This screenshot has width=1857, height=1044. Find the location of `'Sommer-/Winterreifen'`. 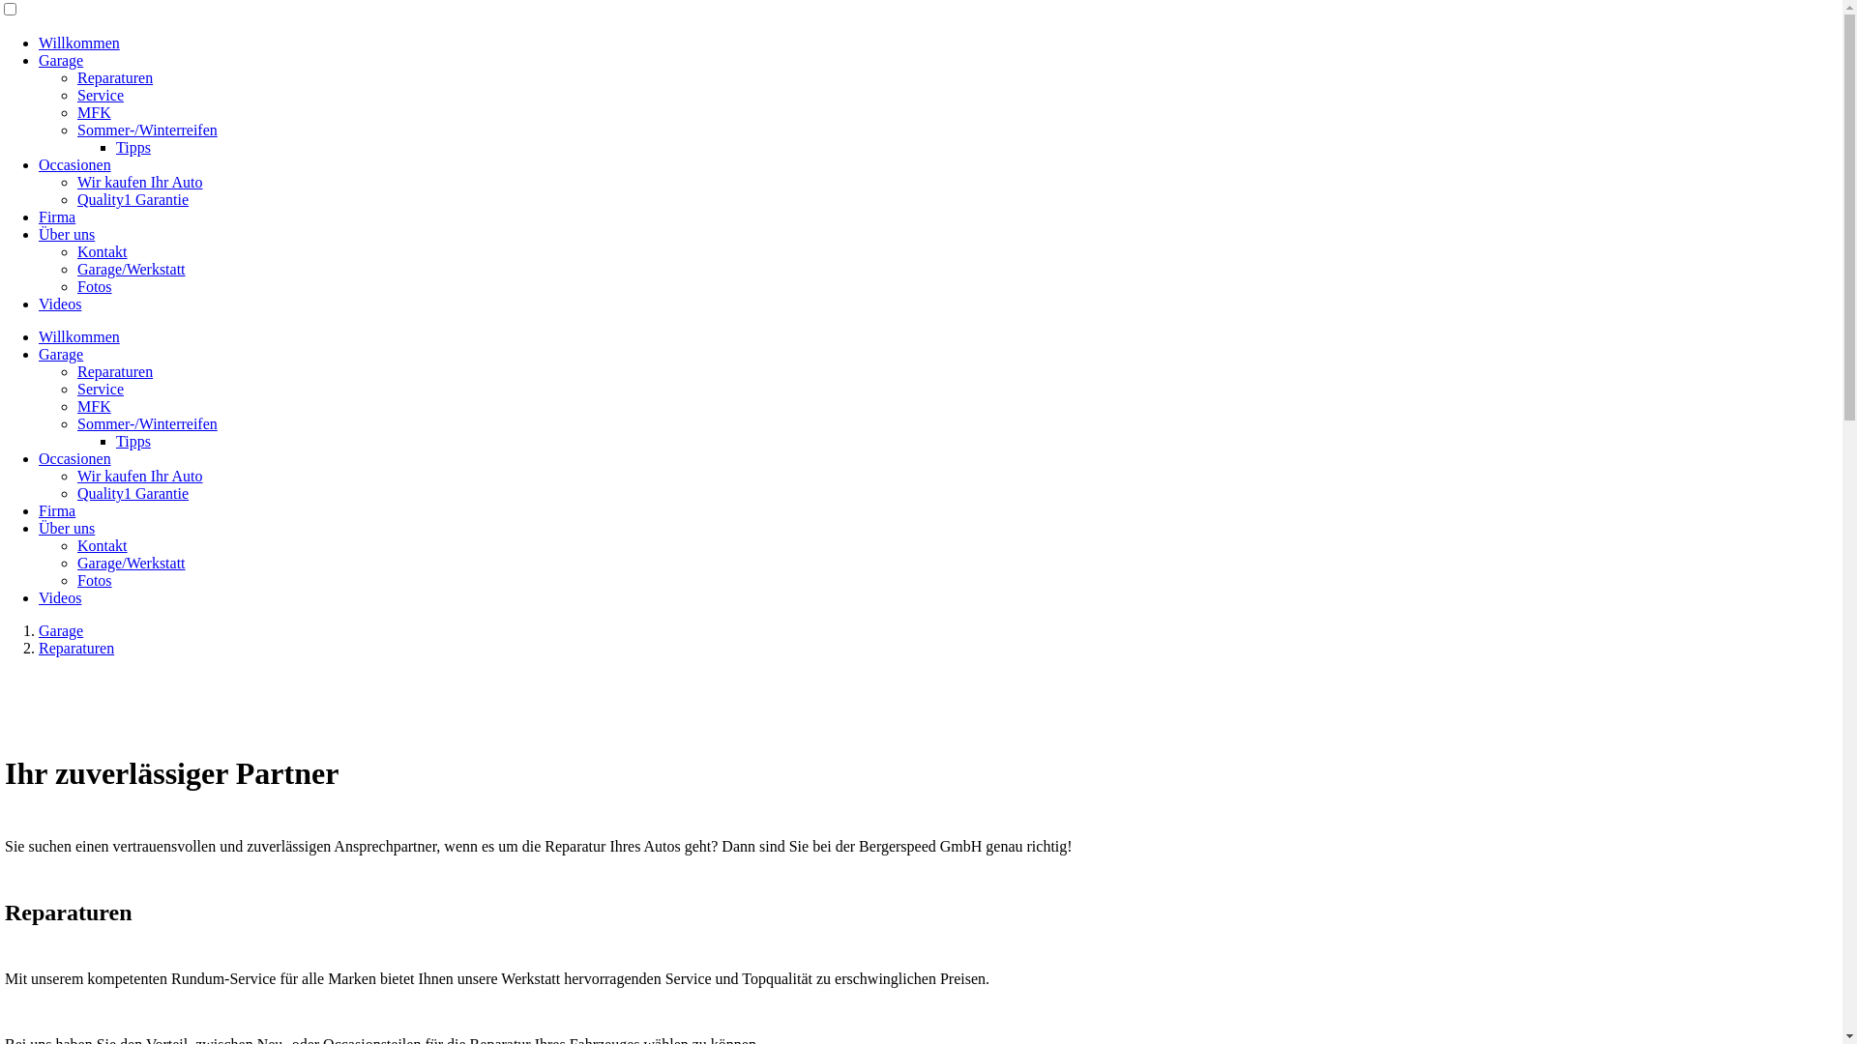

'Sommer-/Winterreifen' is located at coordinates (146, 130).